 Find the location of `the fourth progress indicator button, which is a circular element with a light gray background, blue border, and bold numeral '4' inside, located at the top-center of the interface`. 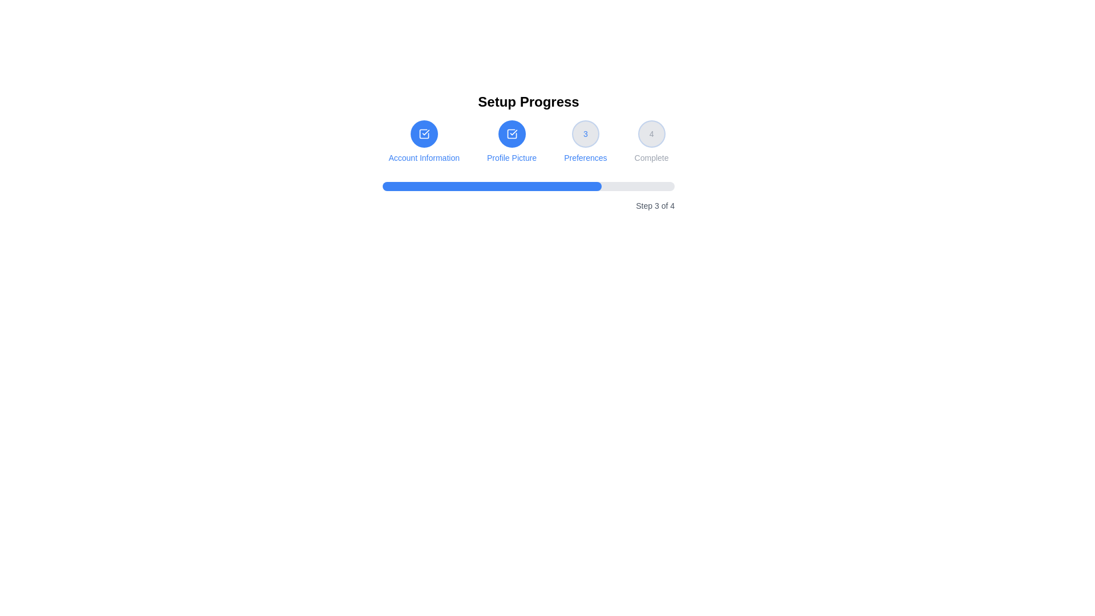

the fourth progress indicator button, which is a circular element with a light gray background, blue border, and bold numeral '4' inside, located at the top-center of the interface is located at coordinates (651, 133).